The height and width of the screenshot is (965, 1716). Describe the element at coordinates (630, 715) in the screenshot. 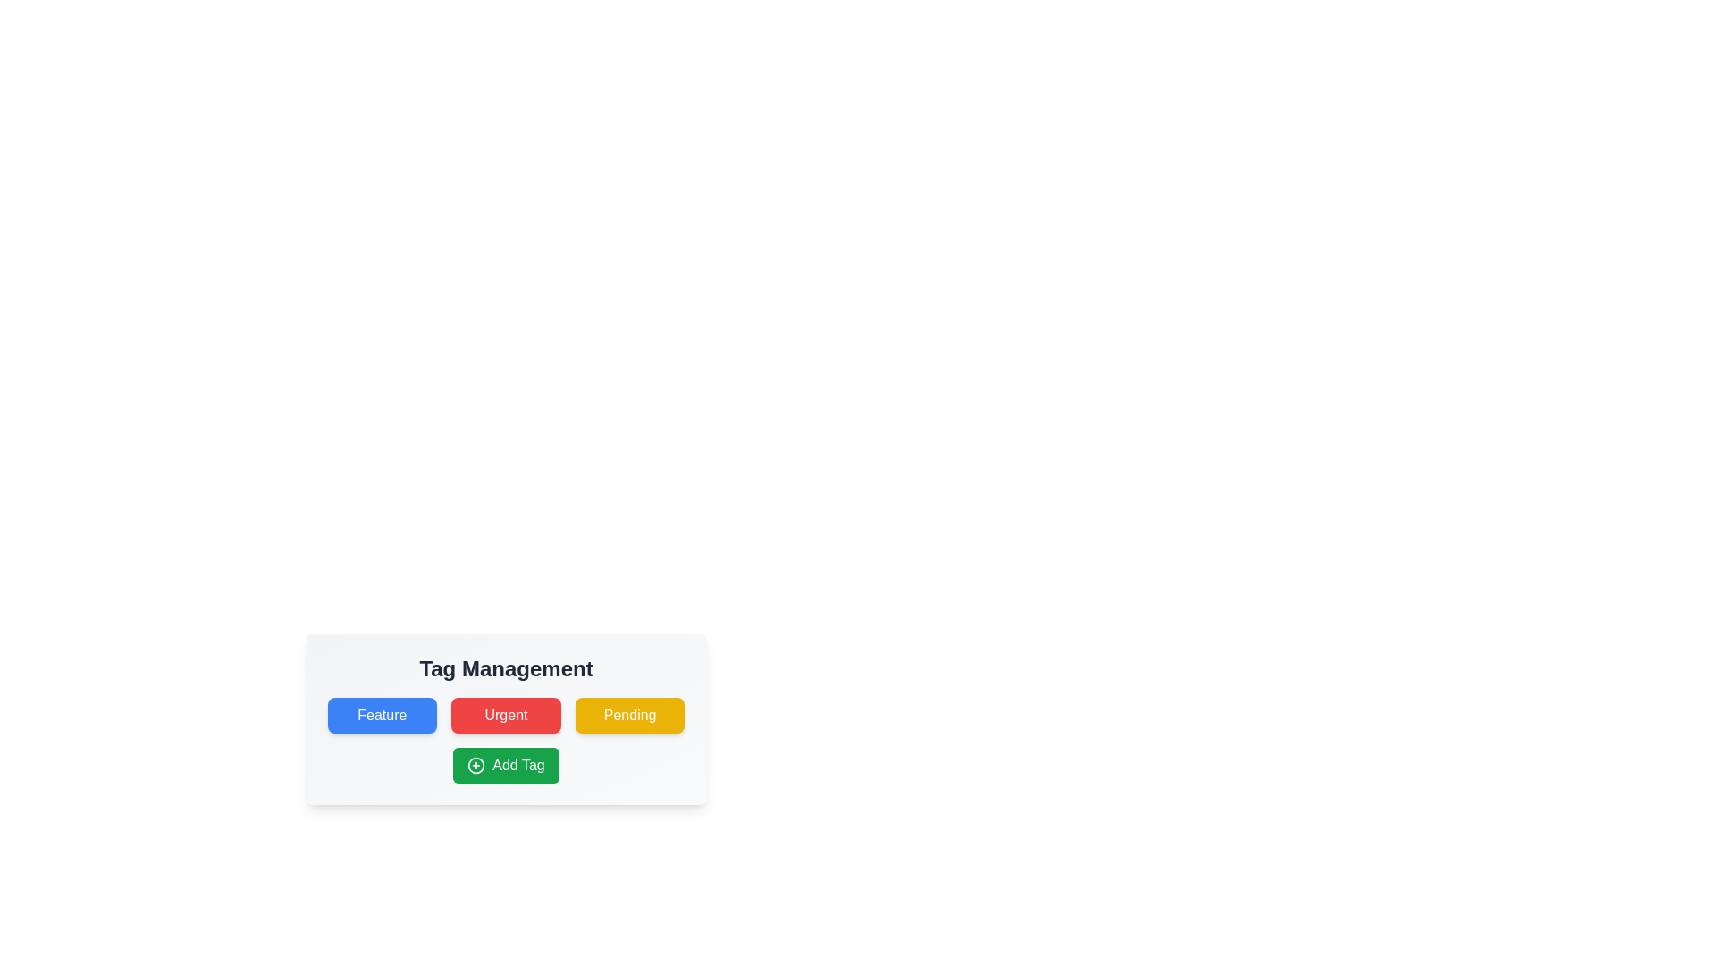

I see `the tag labeled Pending` at that location.